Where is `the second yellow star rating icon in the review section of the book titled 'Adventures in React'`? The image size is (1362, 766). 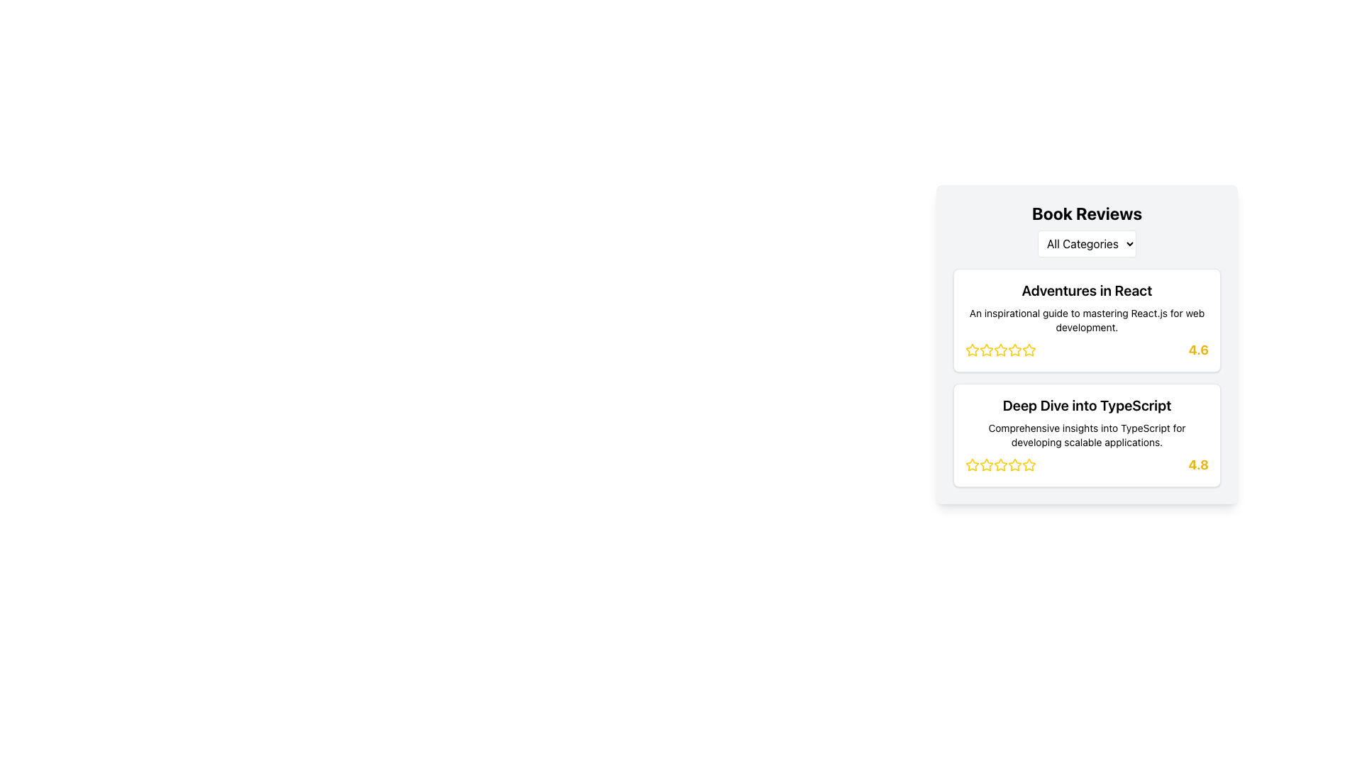 the second yellow star rating icon in the review section of the book titled 'Adventures in React' is located at coordinates (1000, 350).